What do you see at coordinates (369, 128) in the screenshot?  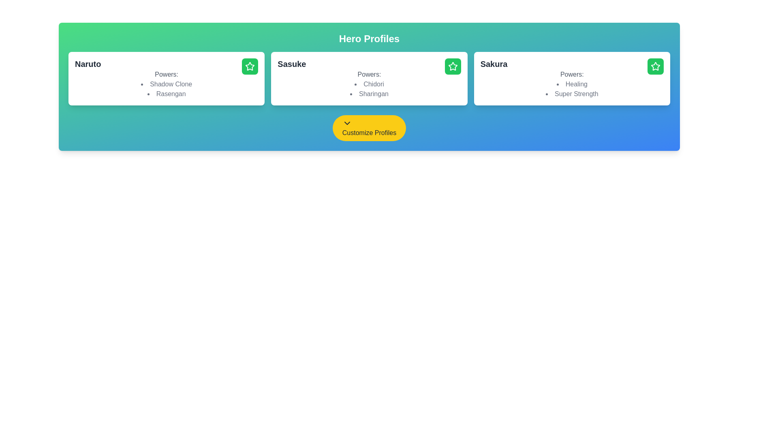 I see `the yellow rounded button labeled 'Customize Profiles'` at bounding box center [369, 128].